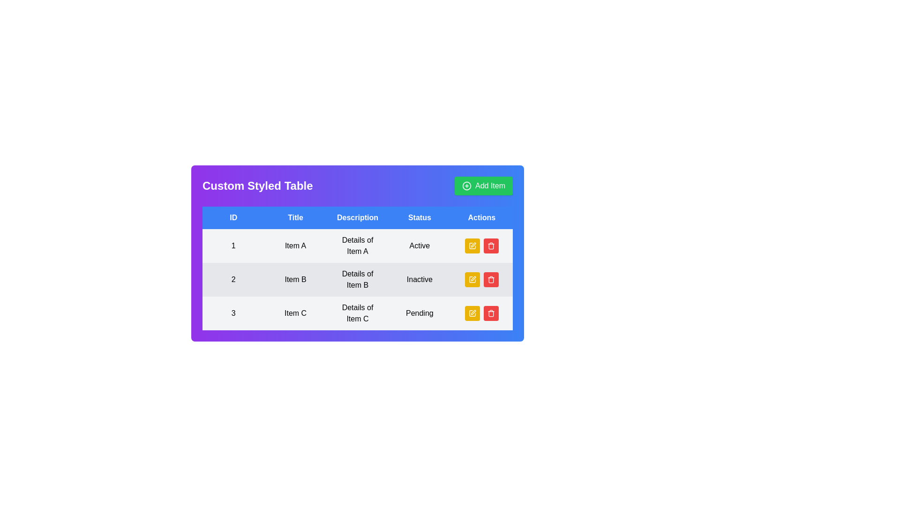 This screenshot has height=506, width=900. I want to click on the yellow edit button in the 'Actions' column of the table for 'Item C', so click(481, 313).